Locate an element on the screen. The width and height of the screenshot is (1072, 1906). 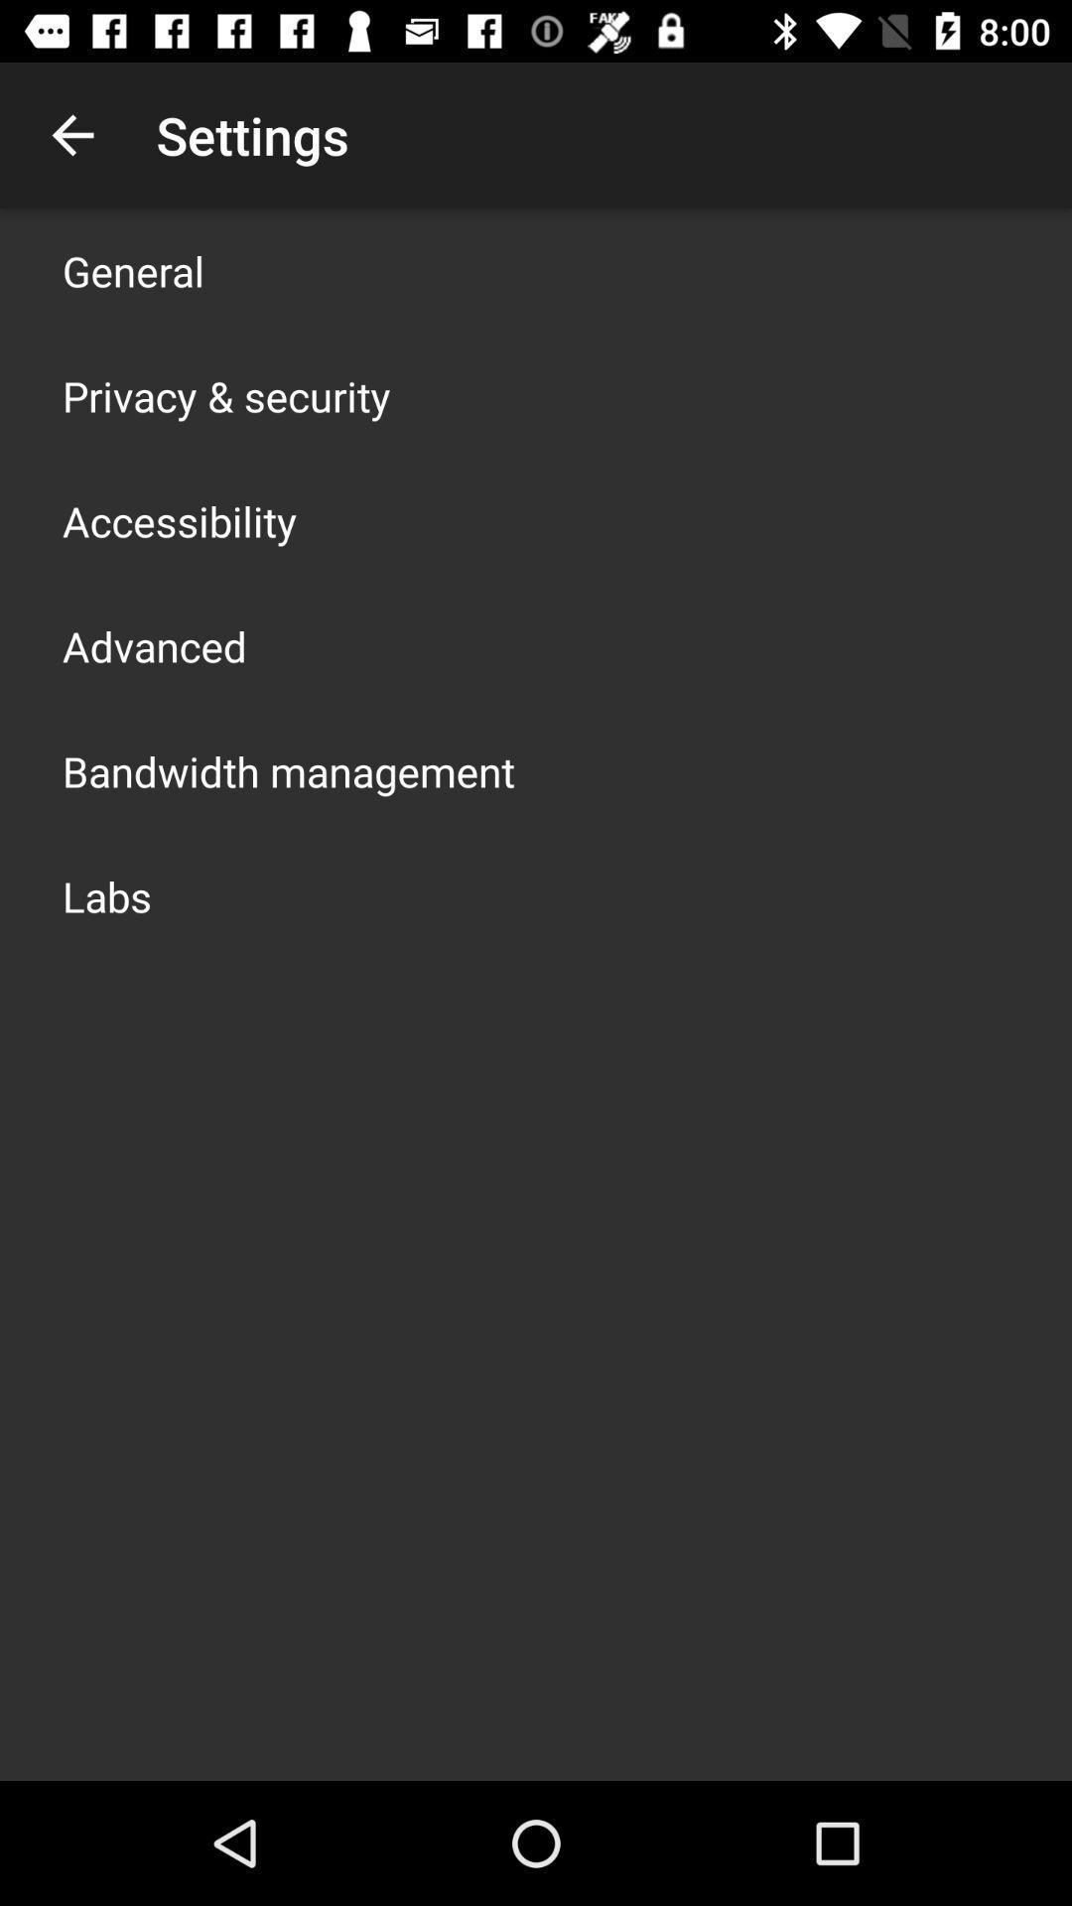
the labs app is located at coordinates (107, 894).